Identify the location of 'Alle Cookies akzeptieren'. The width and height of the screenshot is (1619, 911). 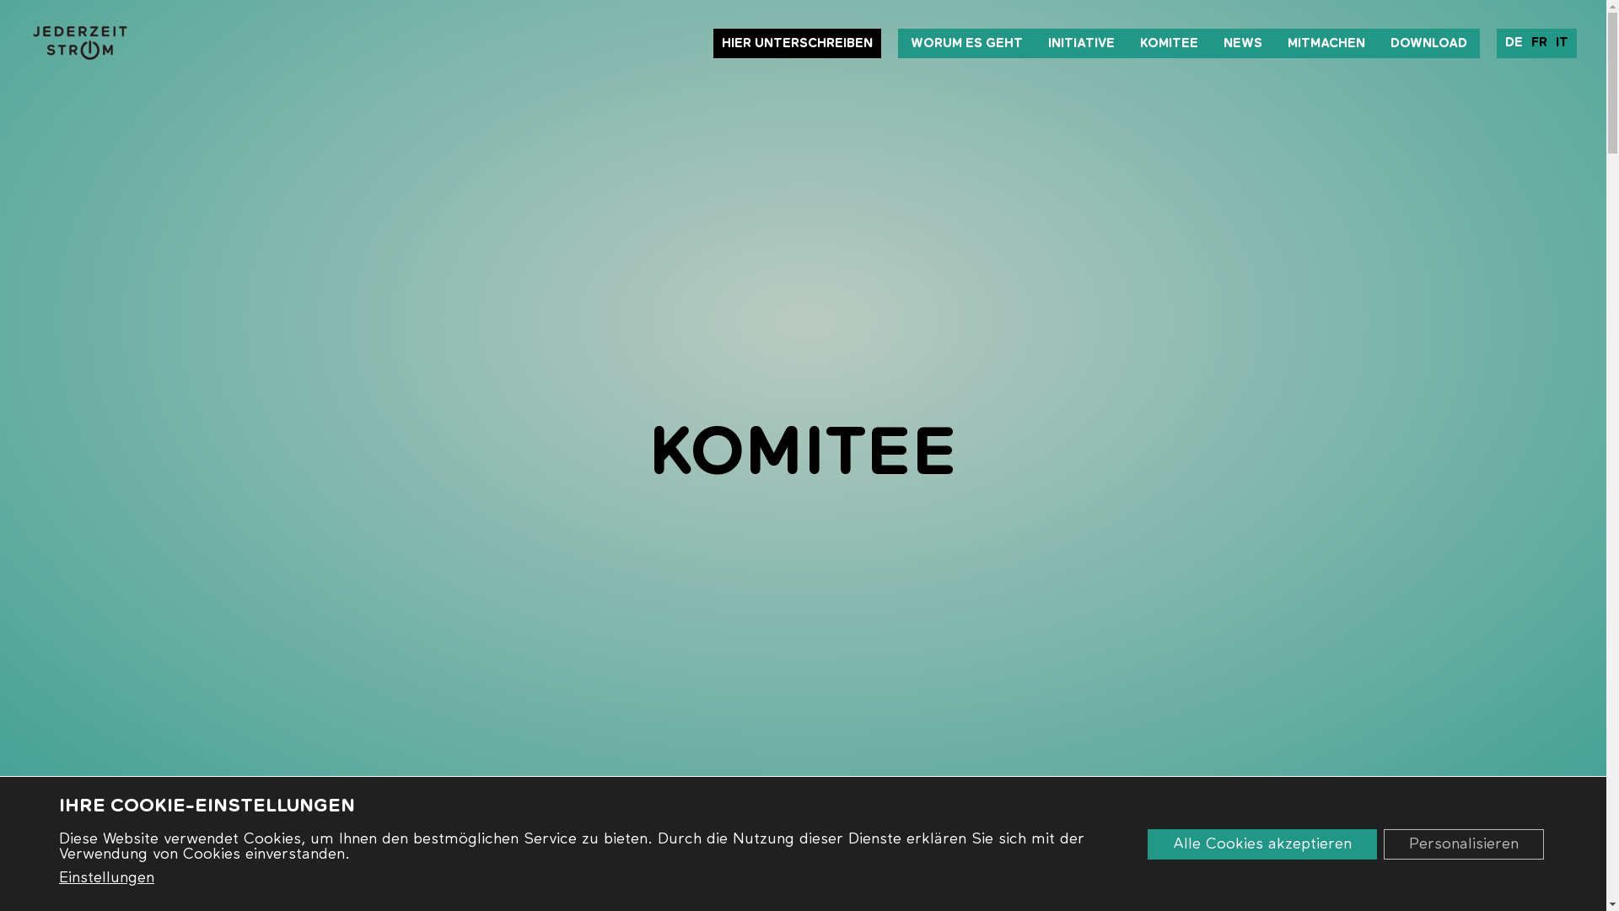
(1147, 843).